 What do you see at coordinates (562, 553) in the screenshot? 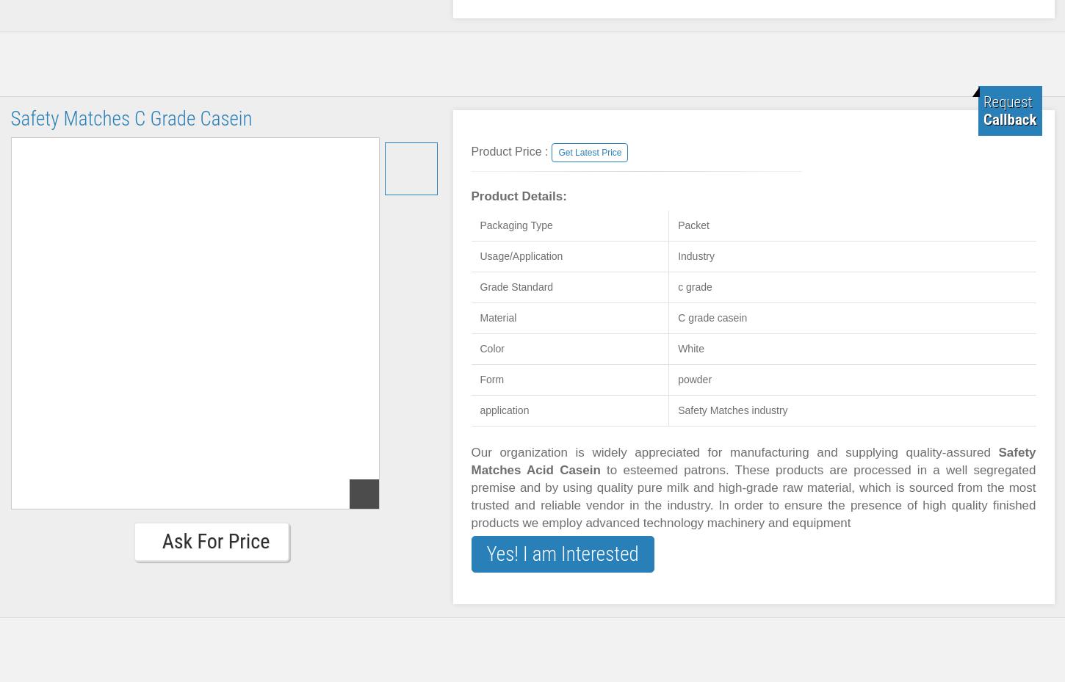
I see `'Yes! I am Interested'` at bounding box center [562, 553].